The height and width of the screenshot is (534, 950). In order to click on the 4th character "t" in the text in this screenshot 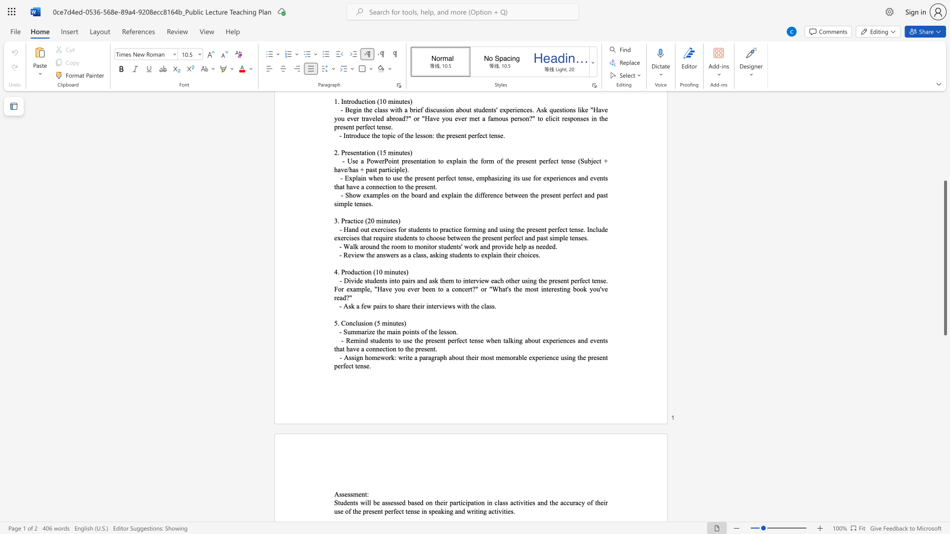, I will do `click(464, 306)`.